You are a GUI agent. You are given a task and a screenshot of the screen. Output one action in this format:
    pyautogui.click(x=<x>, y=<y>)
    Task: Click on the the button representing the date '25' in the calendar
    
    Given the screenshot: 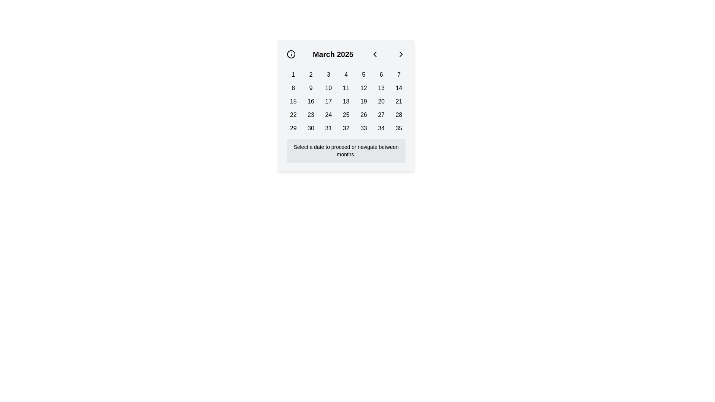 What is the action you would take?
    pyautogui.click(x=346, y=115)
    